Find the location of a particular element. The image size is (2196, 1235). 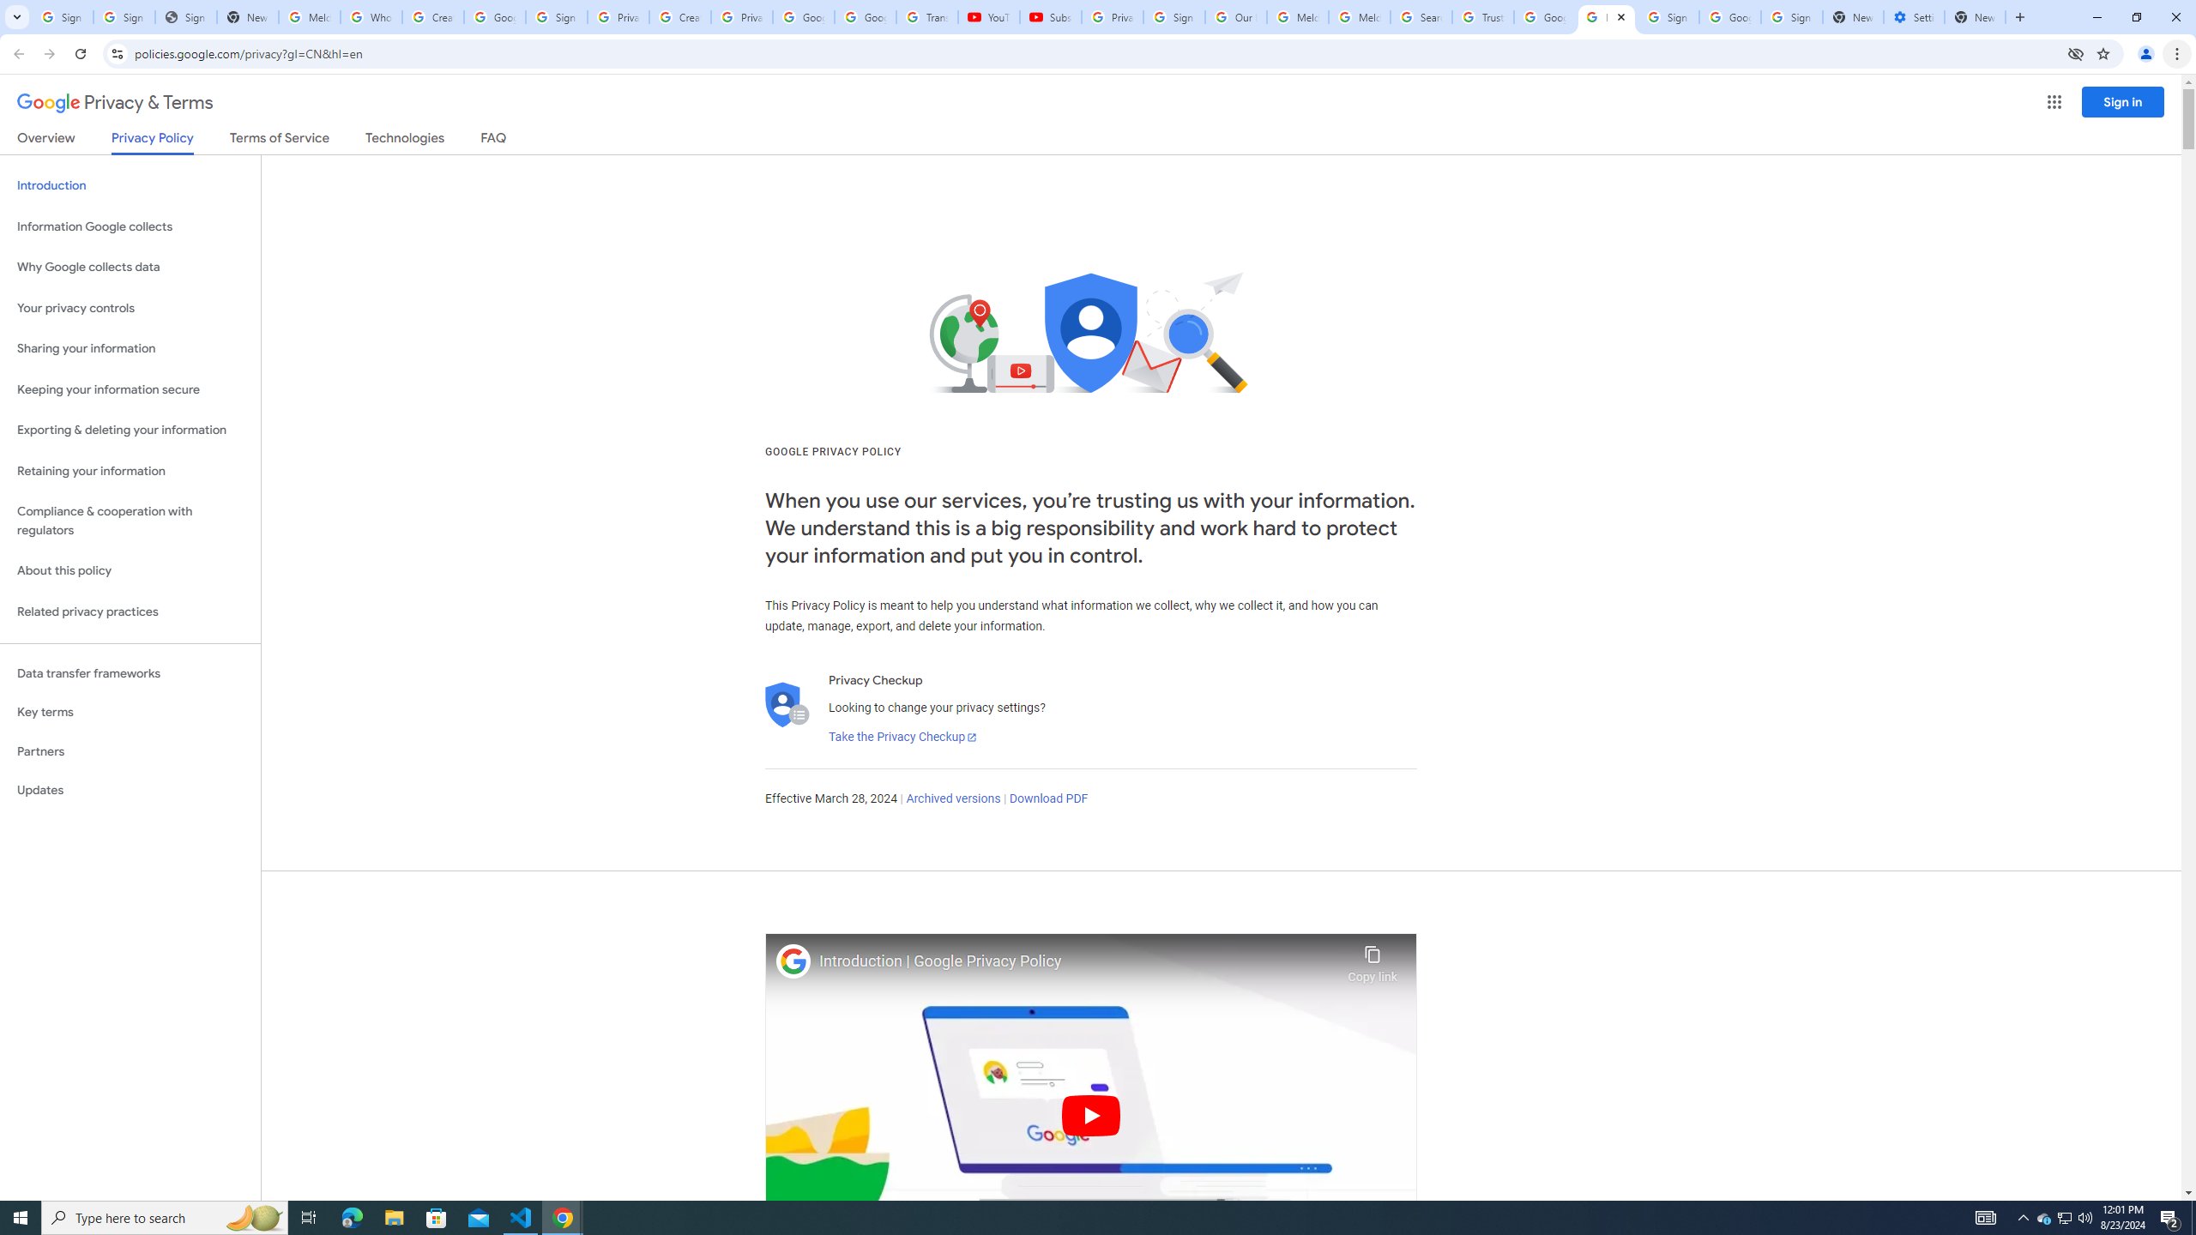

'Trusted Information and Content - Google Safety Center' is located at coordinates (1482, 16).